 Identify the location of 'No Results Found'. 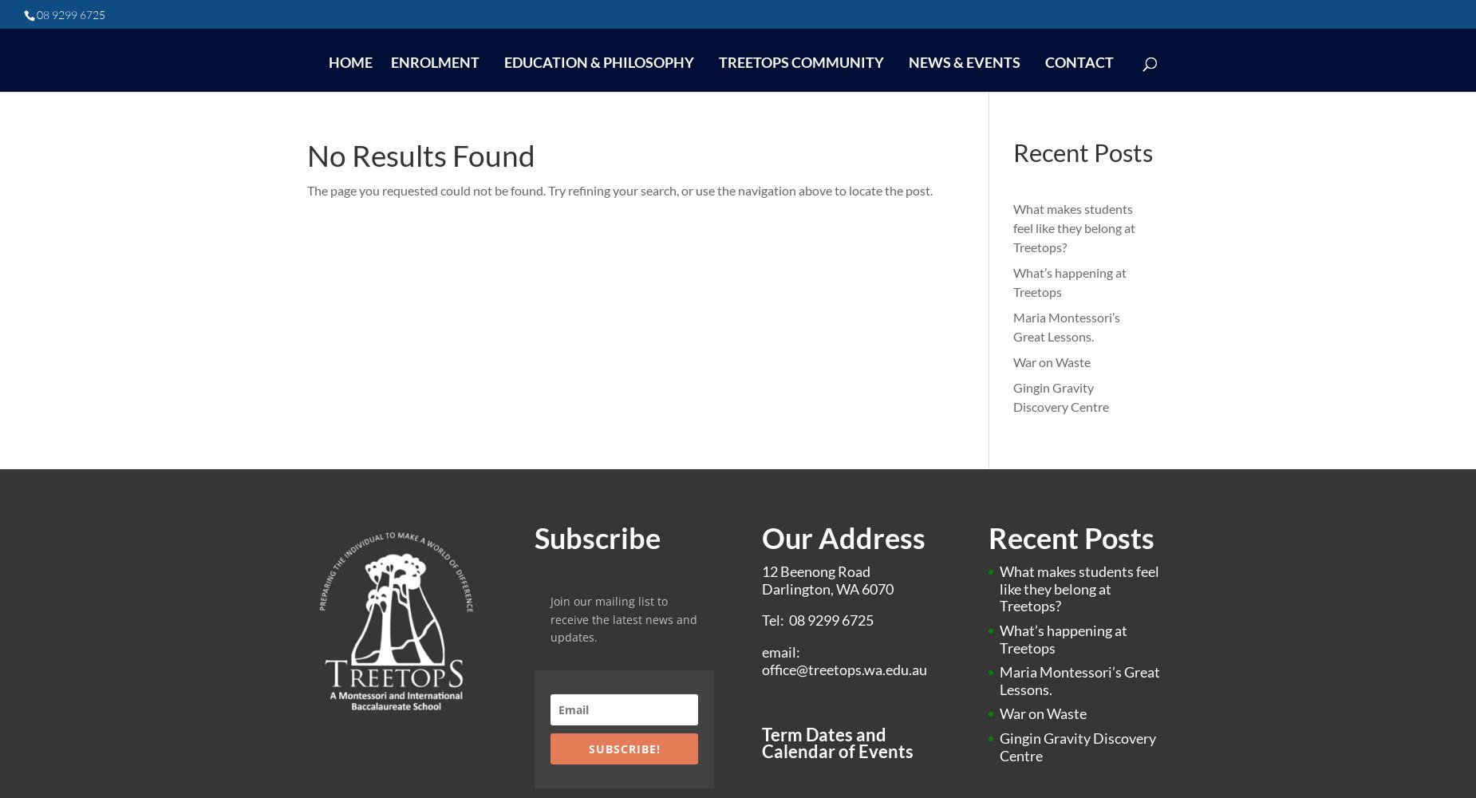
(306, 154).